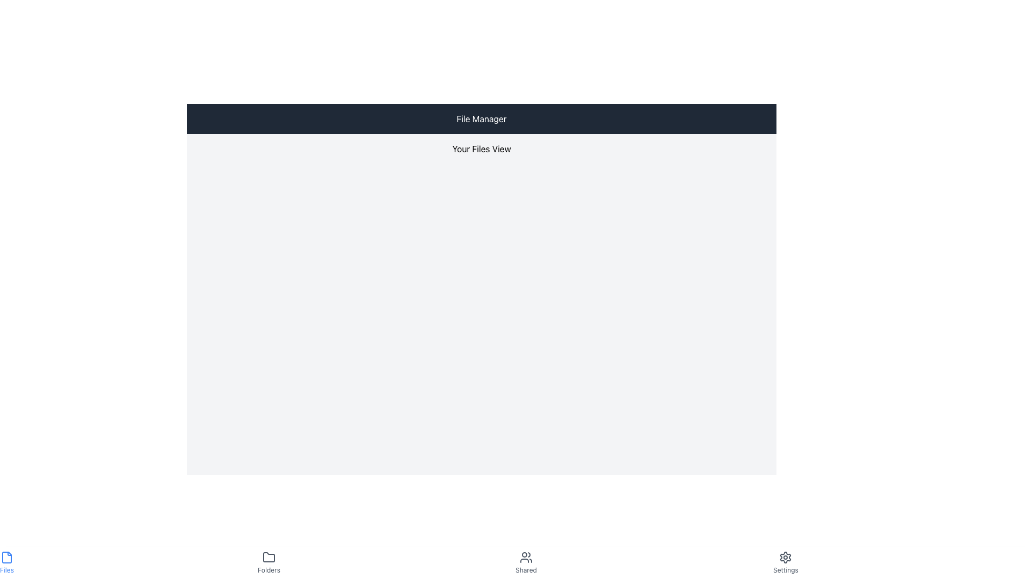 The image size is (1031, 579). I want to click on the small dark gray folder icon located in the bottom navigation bar, which is positioned above the text label 'Folders', so click(268, 557).